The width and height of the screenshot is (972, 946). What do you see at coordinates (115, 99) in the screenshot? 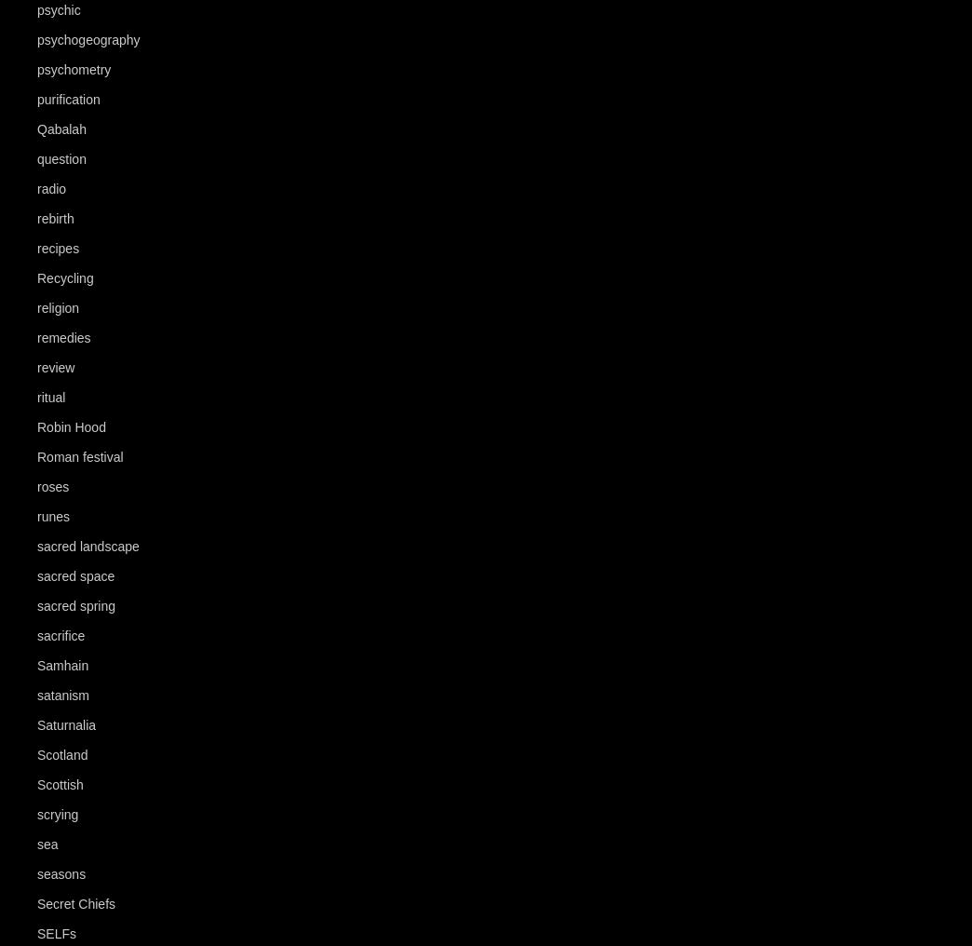
I see `'(21)'` at bounding box center [115, 99].